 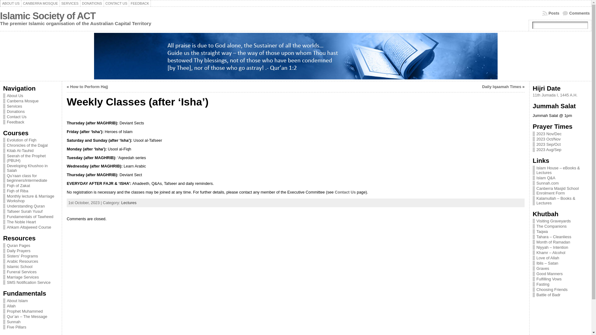 What do you see at coordinates (92, 3) in the screenshot?
I see `'DONATIONS'` at bounding box center [92, 3].